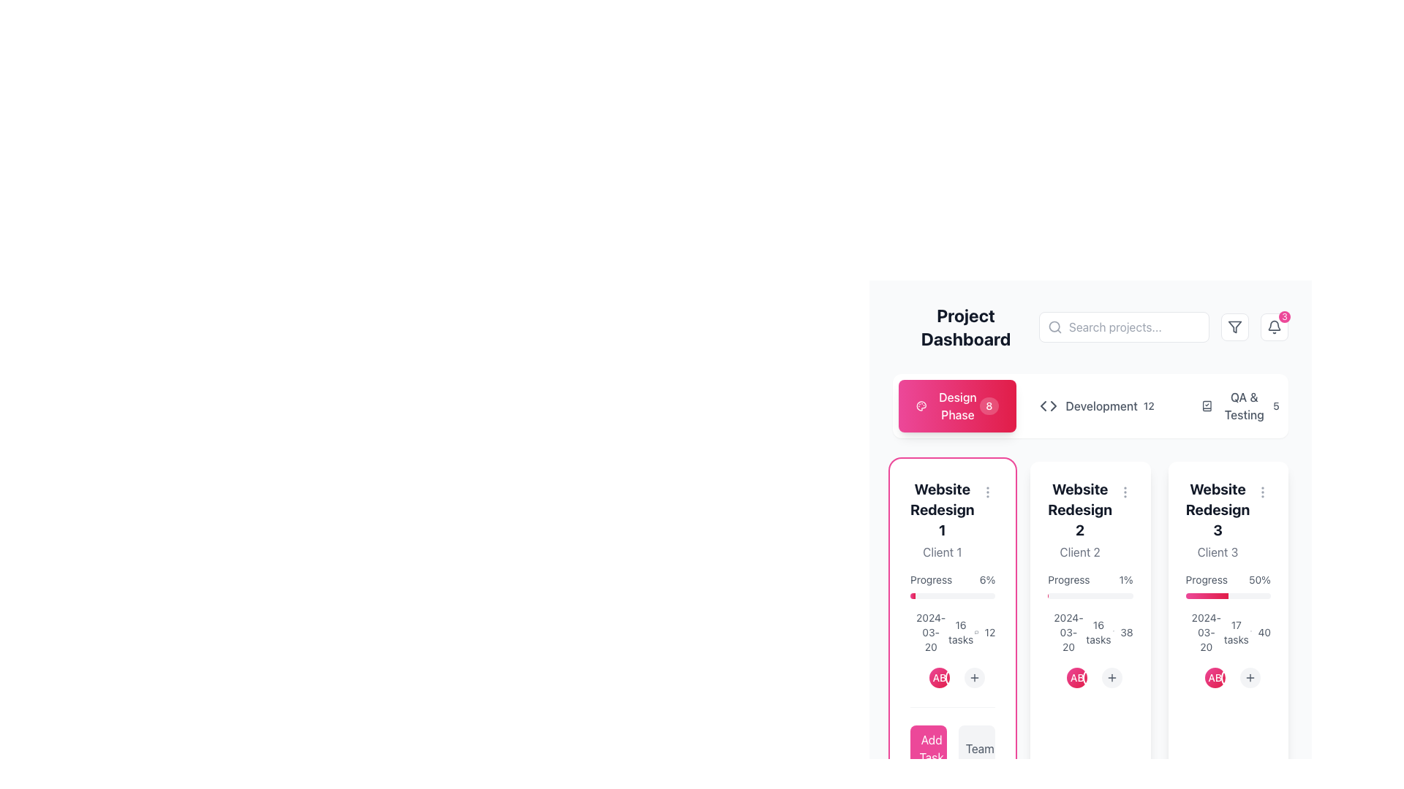 This screenshot has height=789, width=1404. What do you see at coordinates (1231, 678) in the screenshot?
I see `the Avatar icon` at bounding box center [1231, 678].